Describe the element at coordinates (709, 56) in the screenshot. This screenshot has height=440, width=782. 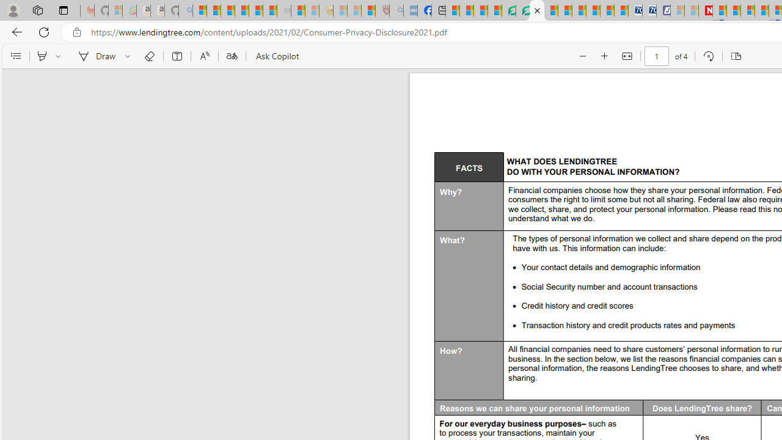
I see `'Rotate (Ctrl+])'` at that location.